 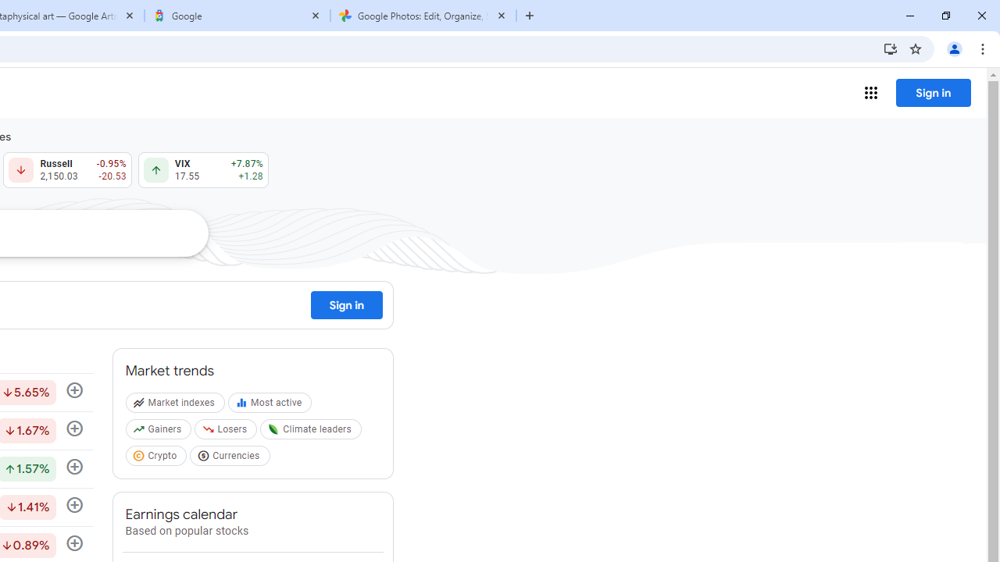 I want to click on 'Market indexes', so click(x=177, y=405).